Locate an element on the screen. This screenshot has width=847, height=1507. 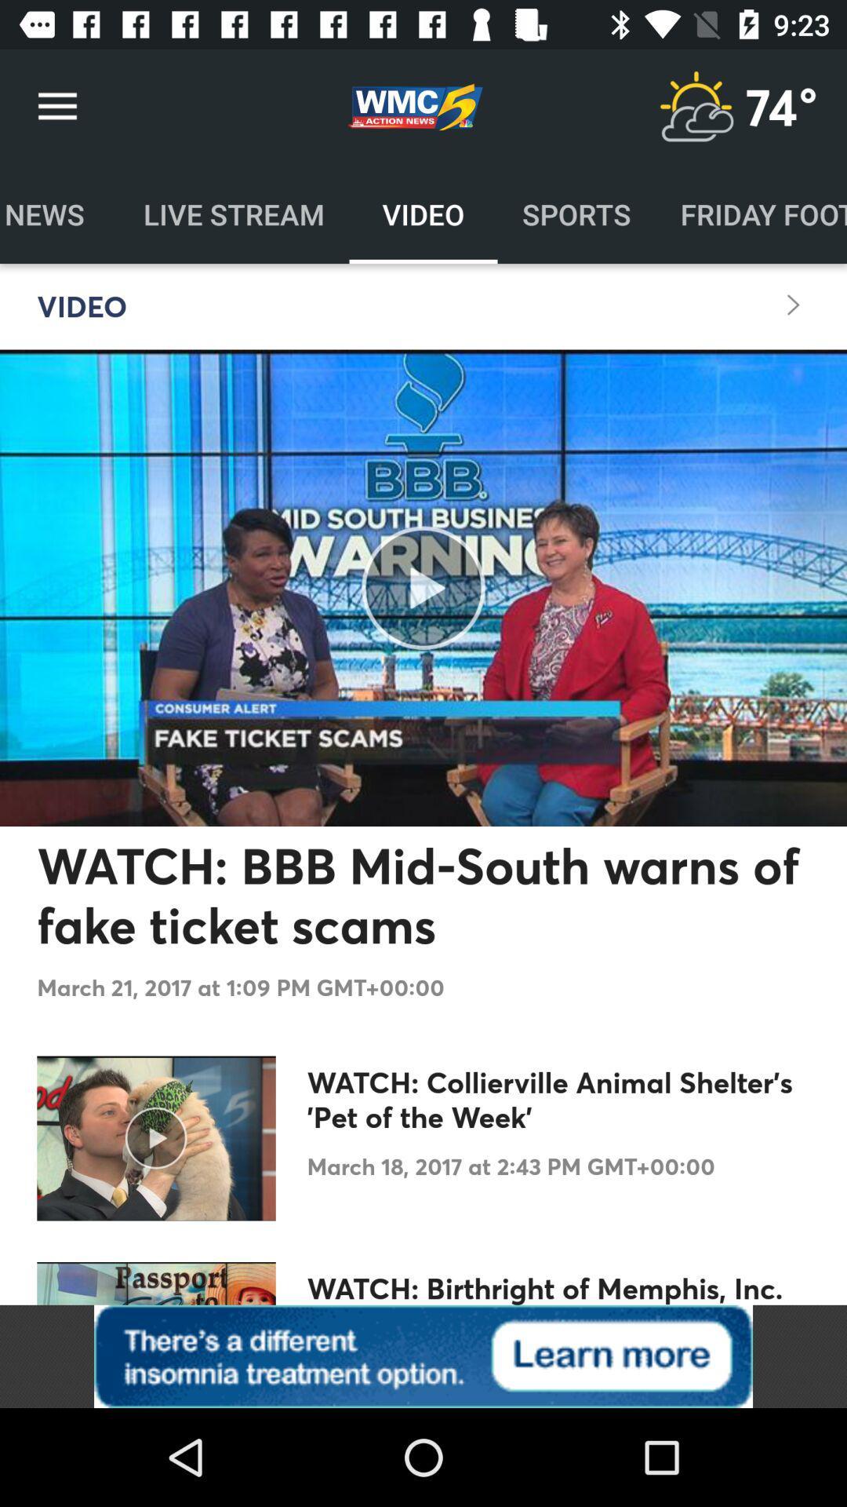
advertisement is located at coordinates (423, 1356).